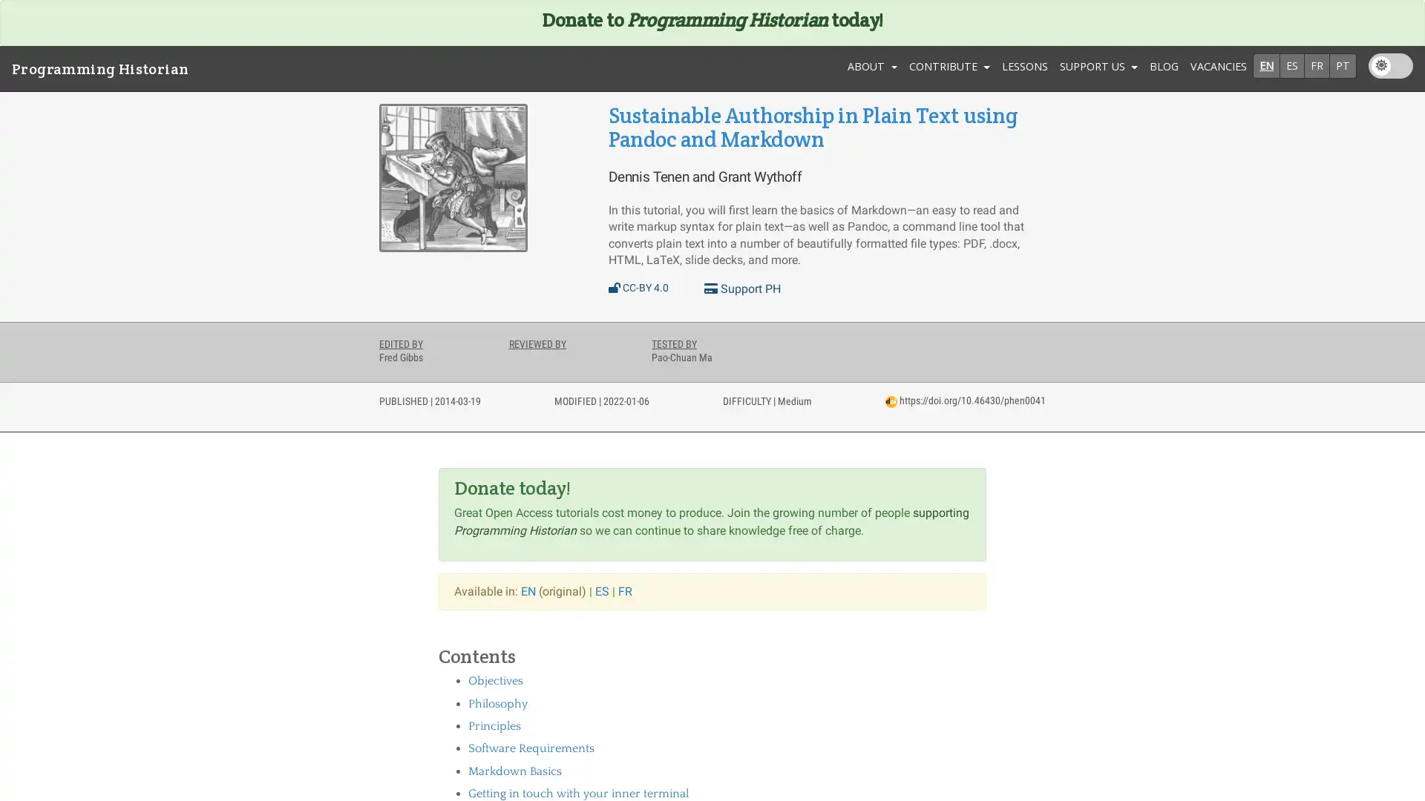  I want to click on PT, so click(1343, 65).